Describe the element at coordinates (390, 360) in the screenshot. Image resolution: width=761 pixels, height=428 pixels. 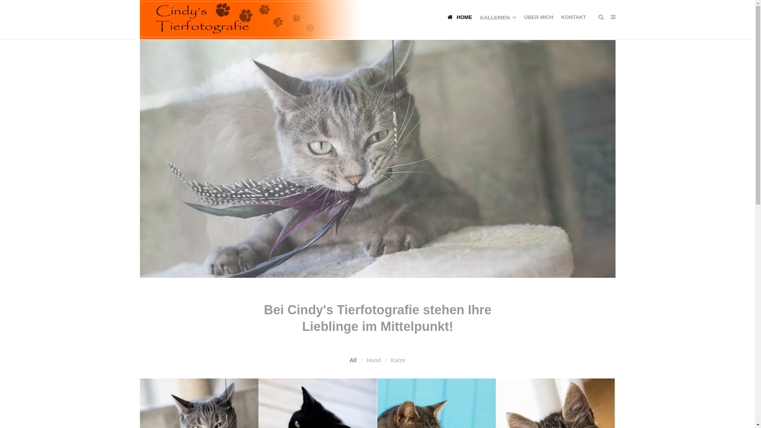
I see `'Katze'` at that location.